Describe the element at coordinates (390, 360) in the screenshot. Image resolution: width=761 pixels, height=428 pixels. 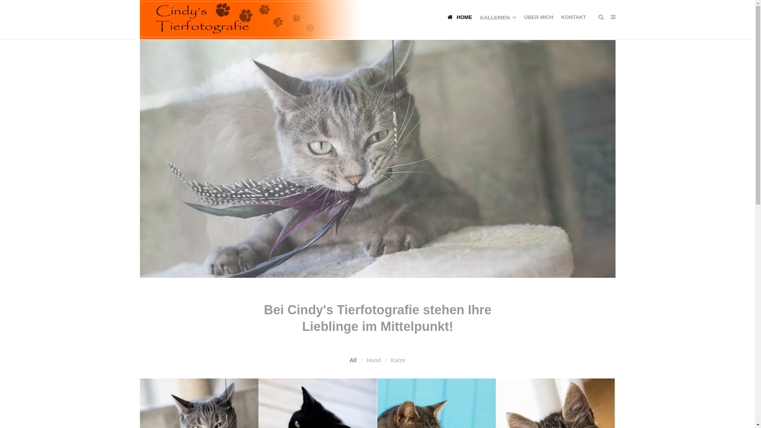
I see `'Katze'` at that location.